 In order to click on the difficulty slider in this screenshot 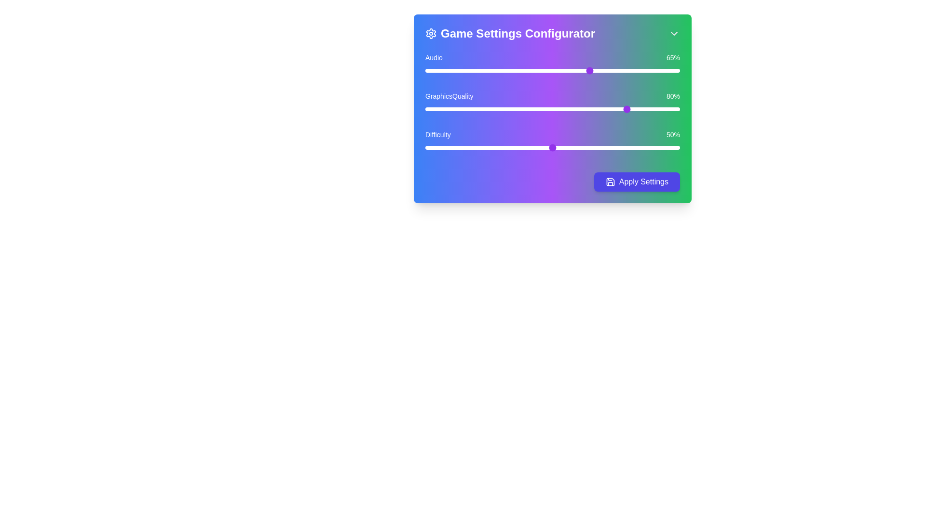, I will do `click(634, 148)`.